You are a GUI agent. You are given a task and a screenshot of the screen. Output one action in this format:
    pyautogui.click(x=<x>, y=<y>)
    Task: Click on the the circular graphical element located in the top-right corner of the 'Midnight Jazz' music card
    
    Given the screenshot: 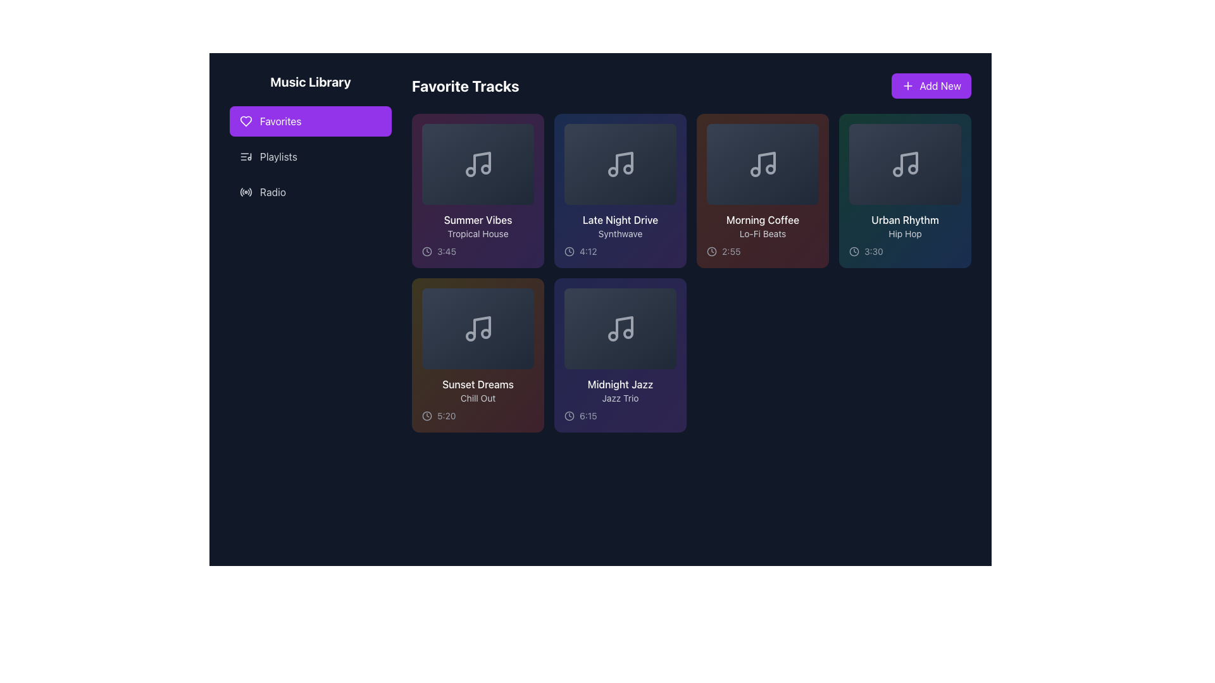 What is the action you would take?
    pyautogui.click(x=668, y=295)
    